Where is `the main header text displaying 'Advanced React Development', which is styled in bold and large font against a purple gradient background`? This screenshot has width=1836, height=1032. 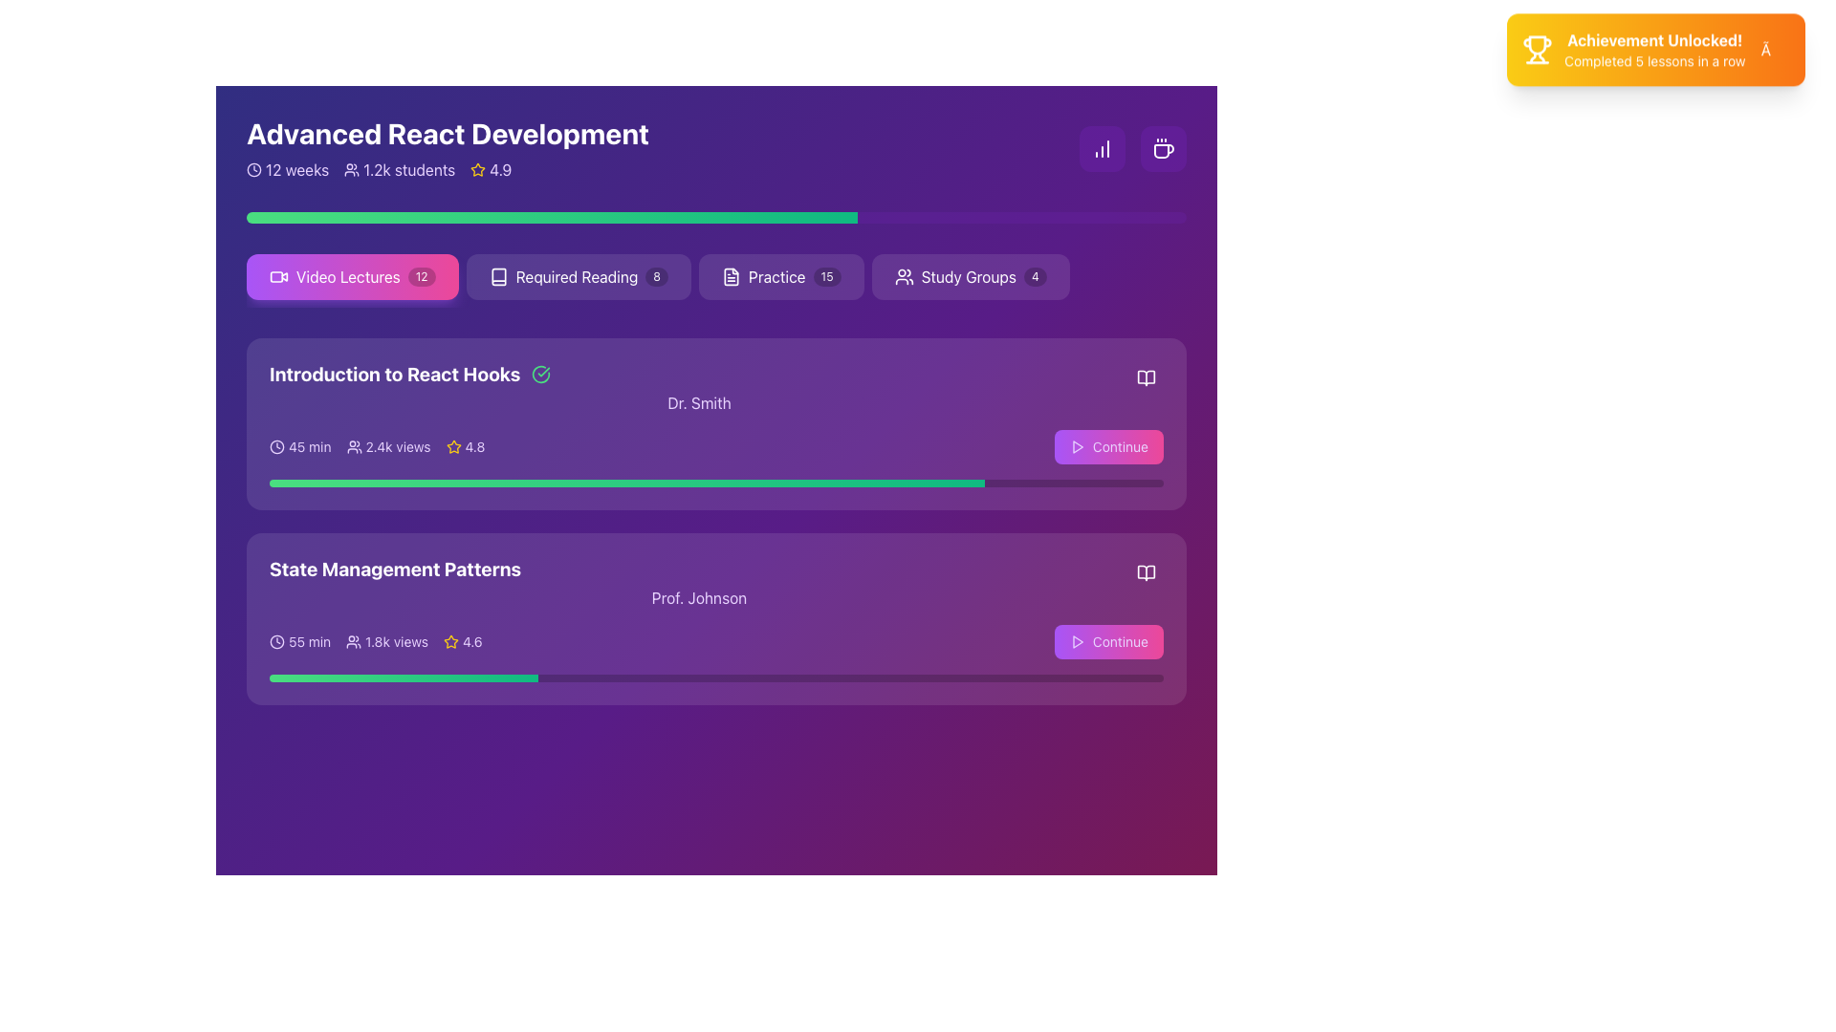 the main header text displaying 'Advanced React Development', which is styled in bold and large font against a purple gradient background is located at coordinates (447, 132).